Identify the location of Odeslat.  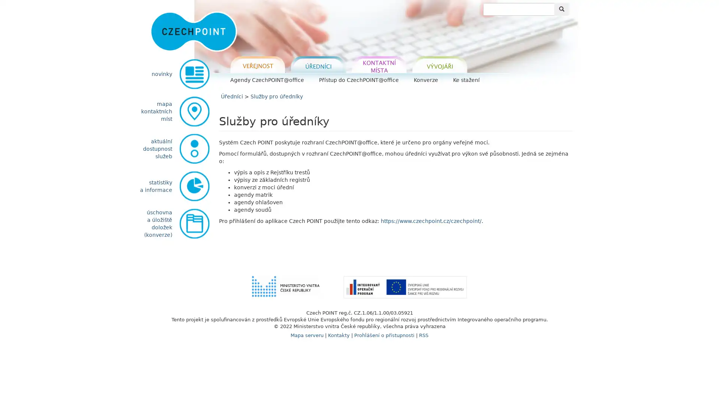
(561, 9).